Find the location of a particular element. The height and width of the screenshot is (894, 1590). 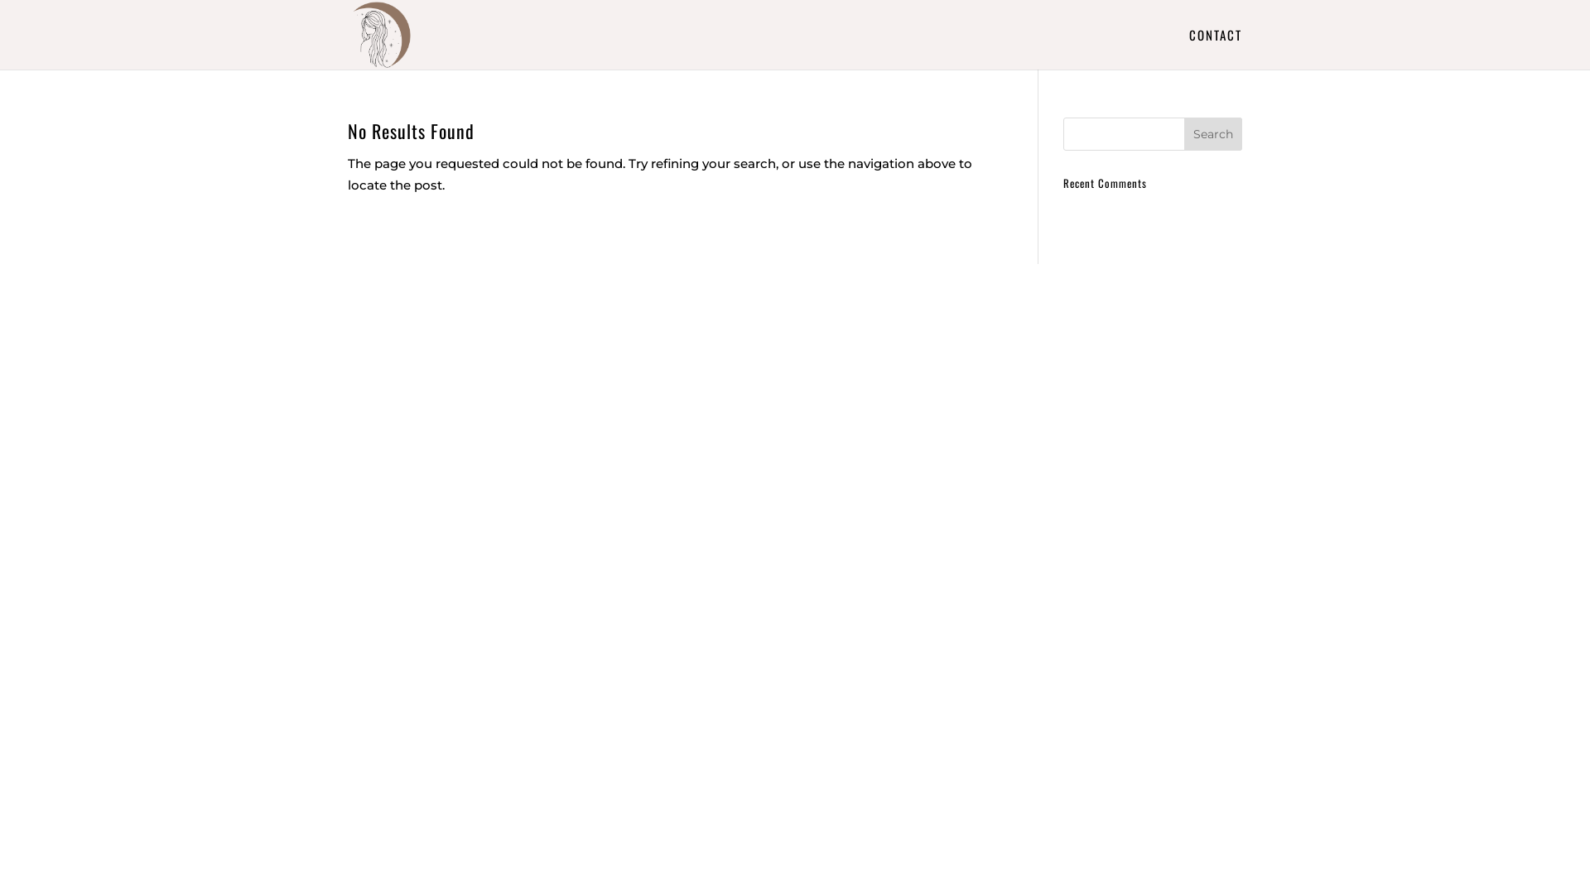

'Search' is located at coordinates (1212, 133).